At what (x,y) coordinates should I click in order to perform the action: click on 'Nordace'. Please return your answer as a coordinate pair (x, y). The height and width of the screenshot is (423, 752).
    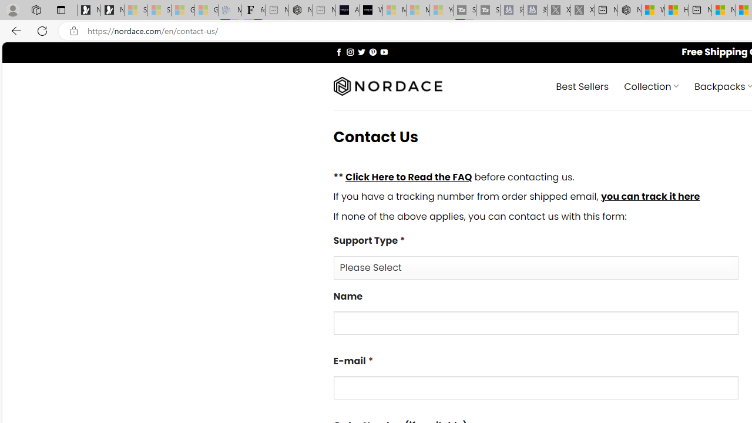
    Looking at the image, I should click on (387, 86).